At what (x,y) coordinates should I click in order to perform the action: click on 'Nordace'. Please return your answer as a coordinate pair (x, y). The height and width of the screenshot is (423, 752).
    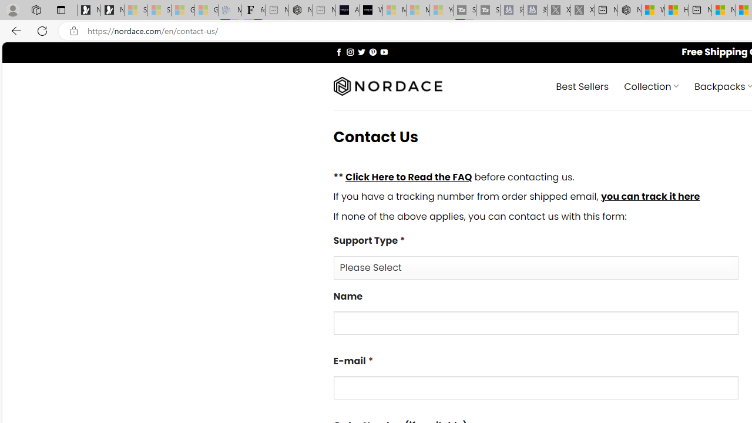
    Looking at the image, I should click on (387, 86).